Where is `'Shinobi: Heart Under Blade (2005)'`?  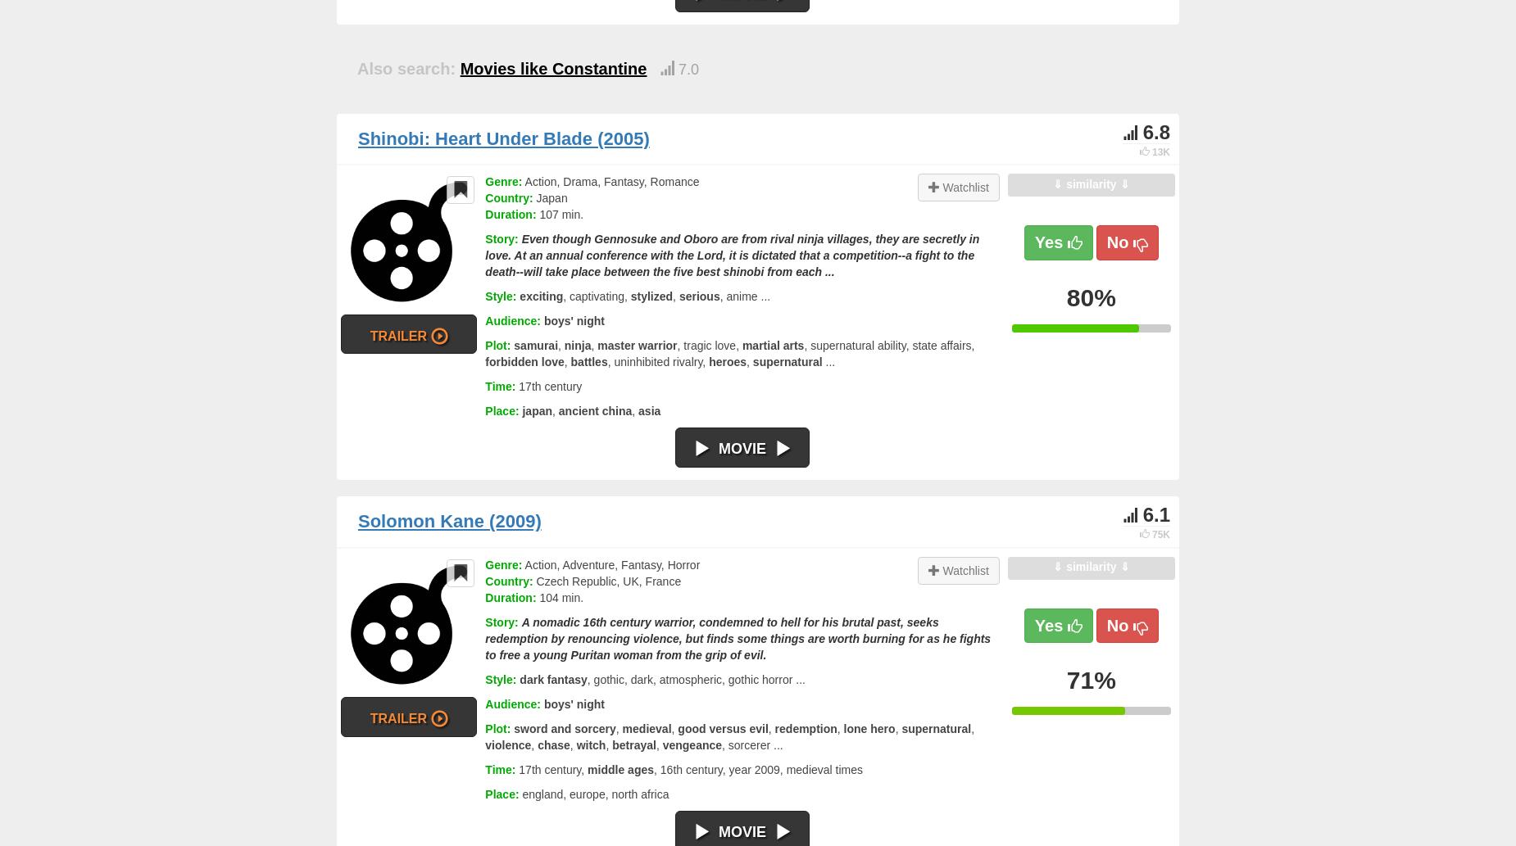
'Shinobi: Heart Under Blade (2005)' is located at coordinates (356, 138).